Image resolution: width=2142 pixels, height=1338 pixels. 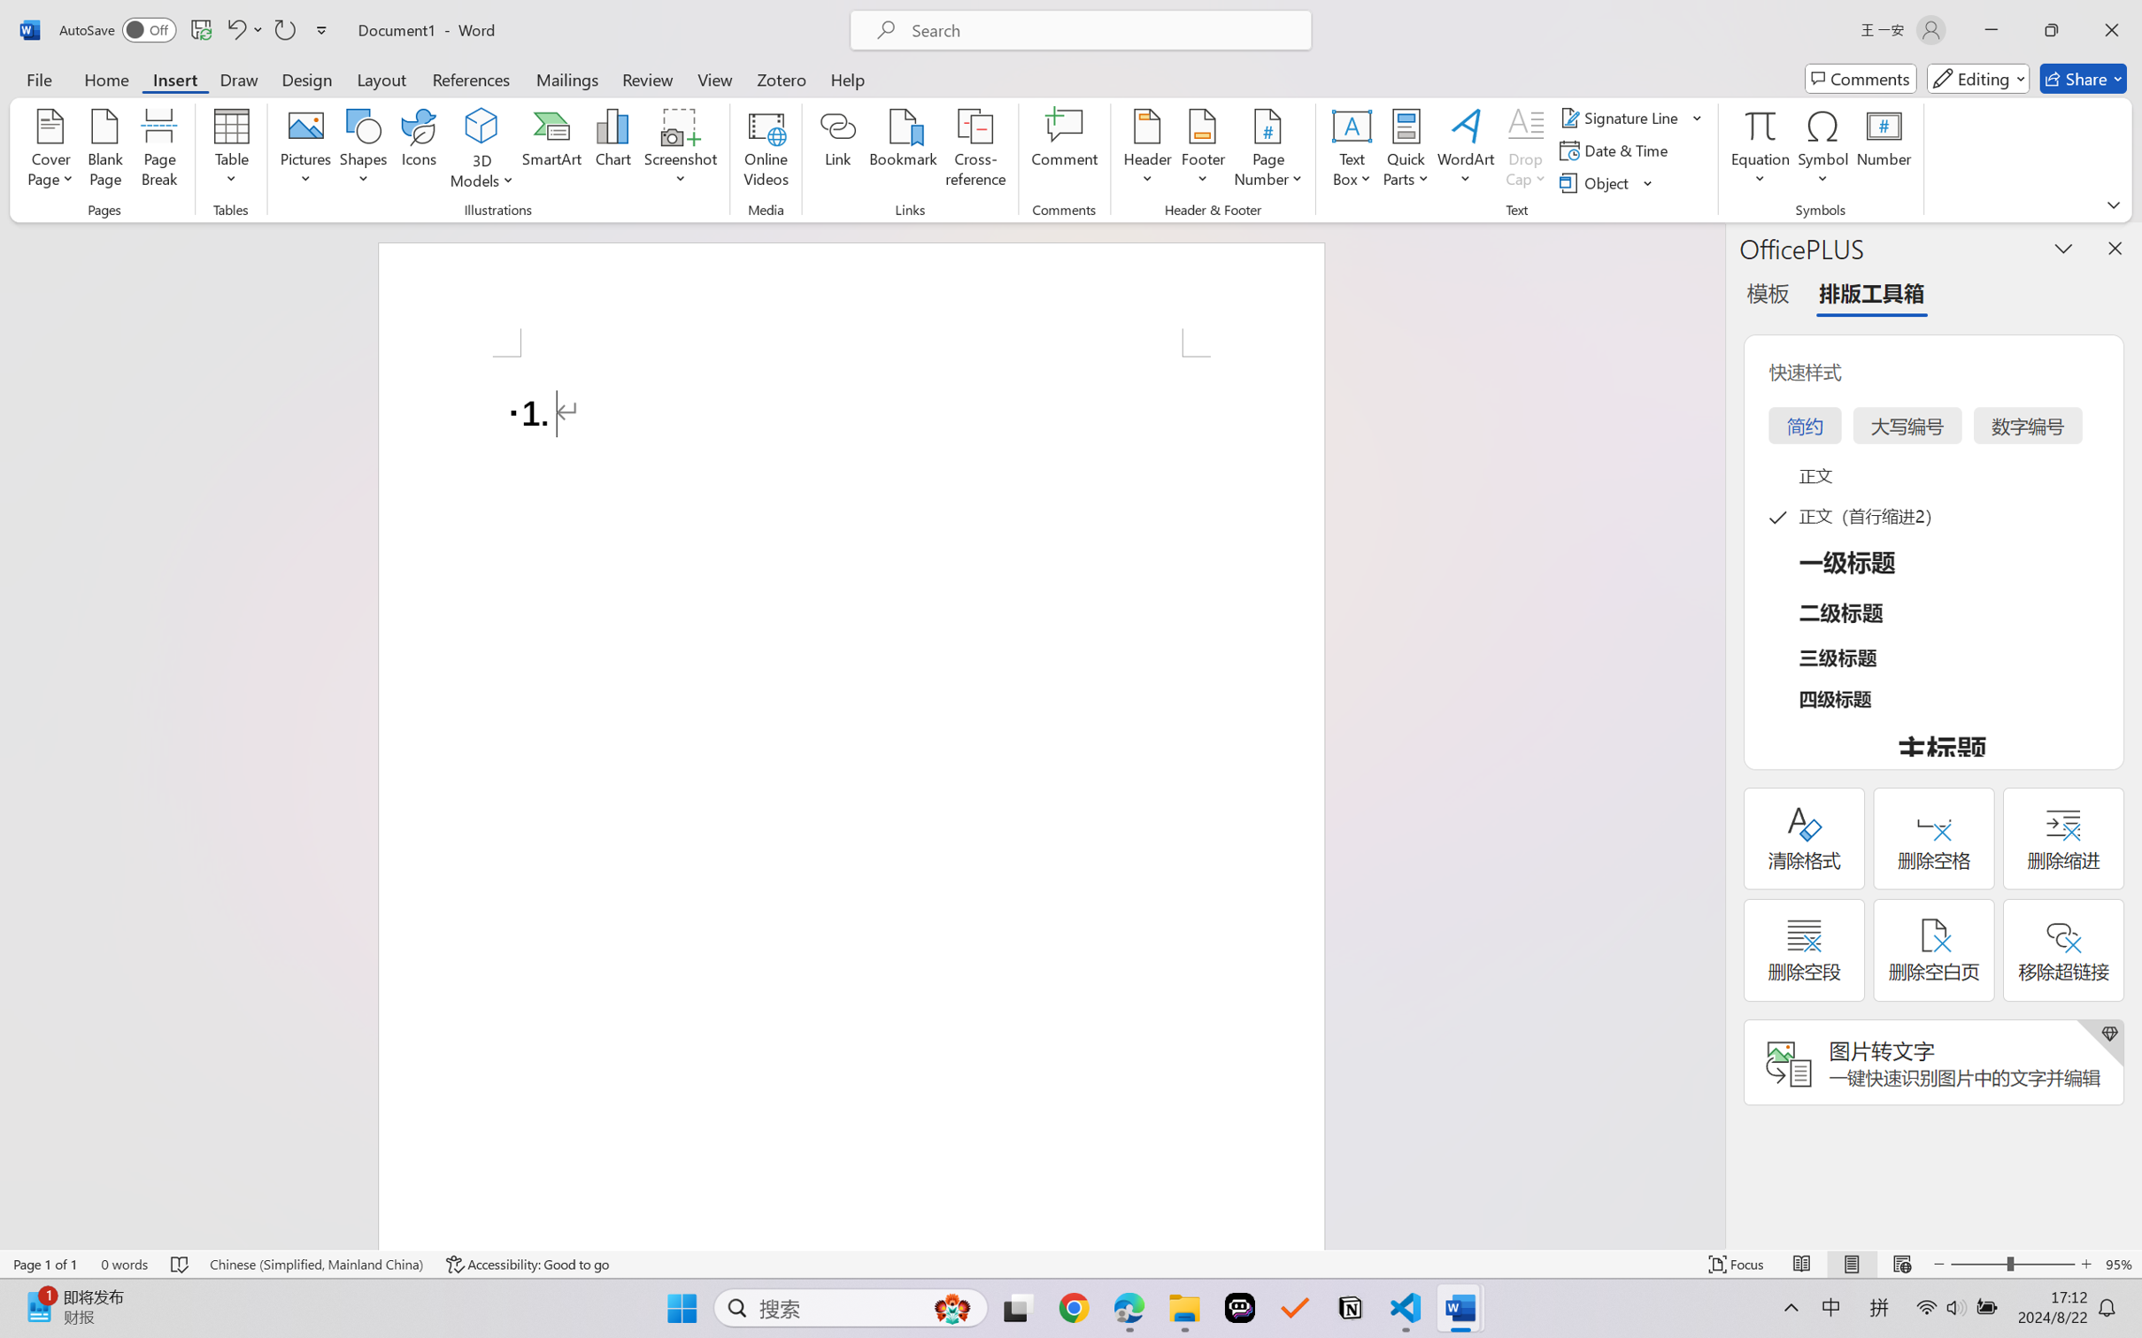 What do you see at coordinates (1606, 183) in the screenshot?
I see `'Object...'` at bounding box center [1606, 183].